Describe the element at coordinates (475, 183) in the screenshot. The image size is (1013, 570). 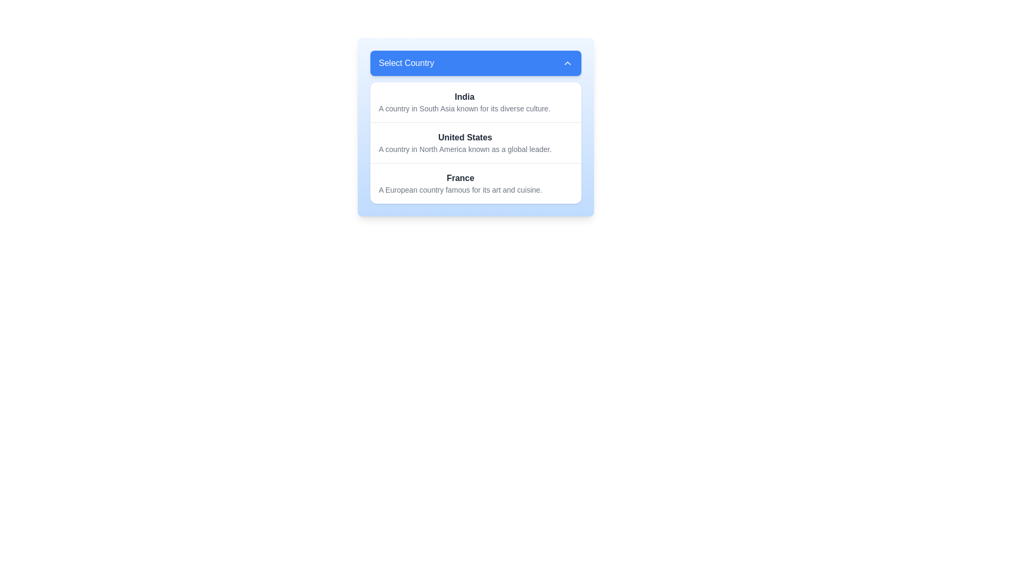
I see `the third item in the dropdown list representing 'France'` at that location.